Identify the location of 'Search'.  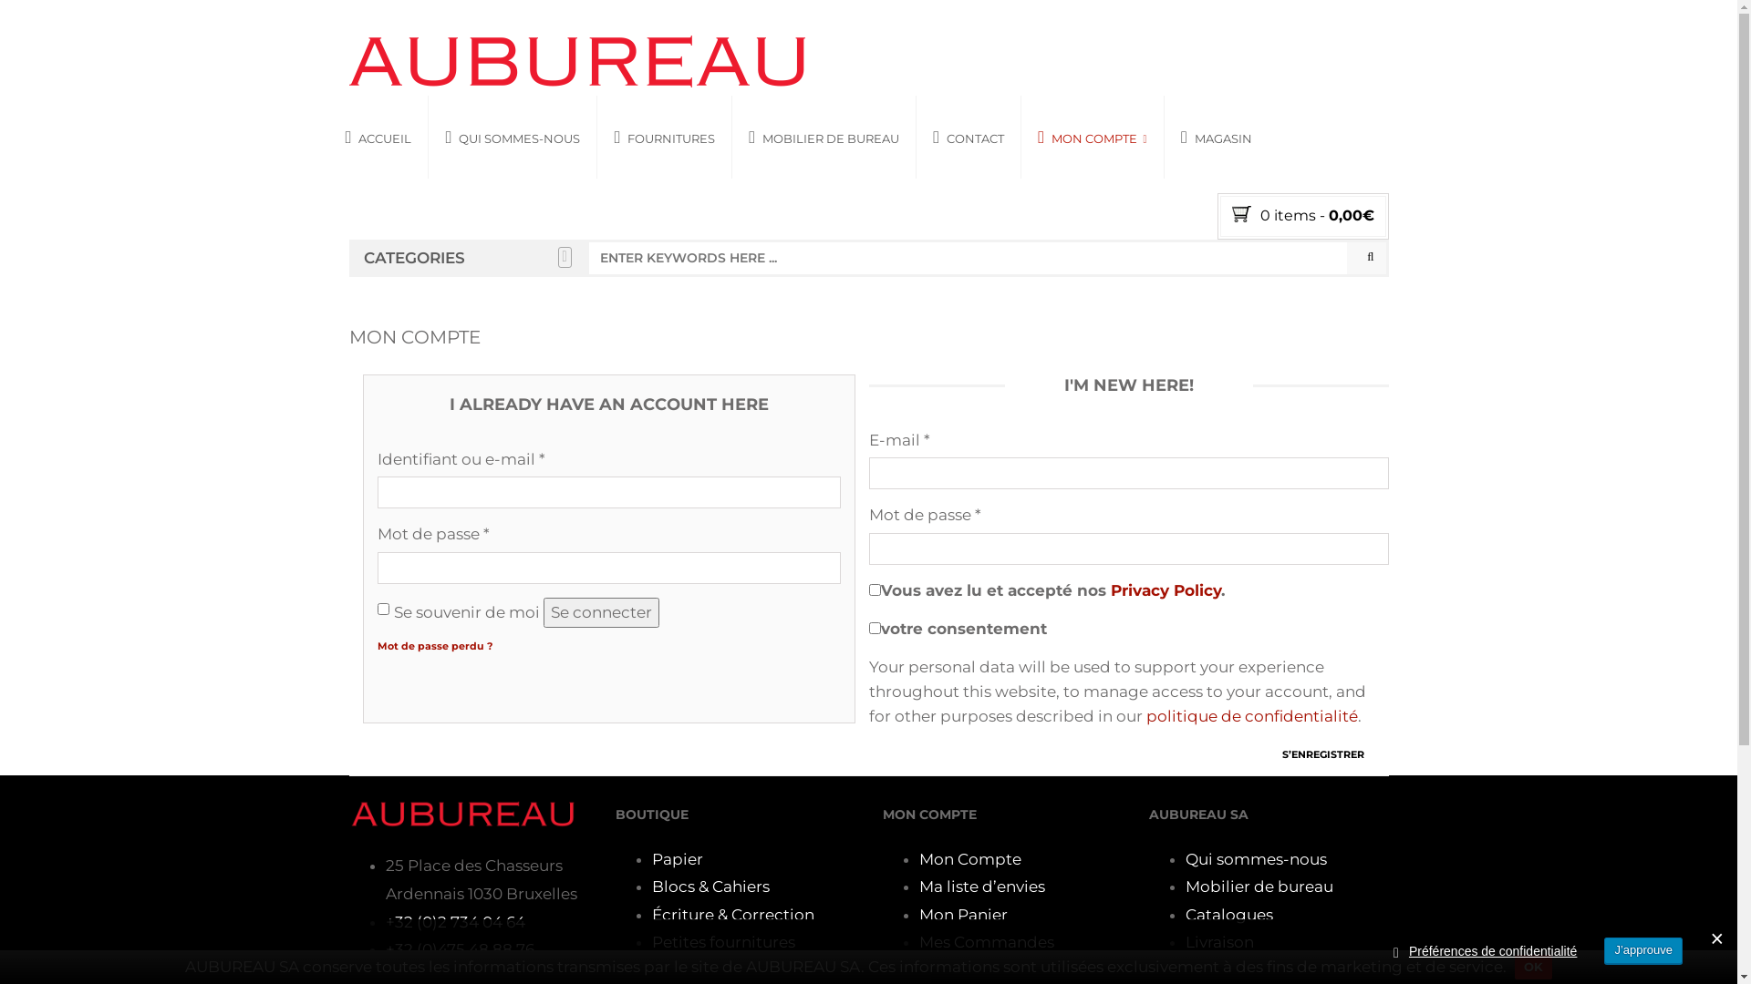
(1365, 258).